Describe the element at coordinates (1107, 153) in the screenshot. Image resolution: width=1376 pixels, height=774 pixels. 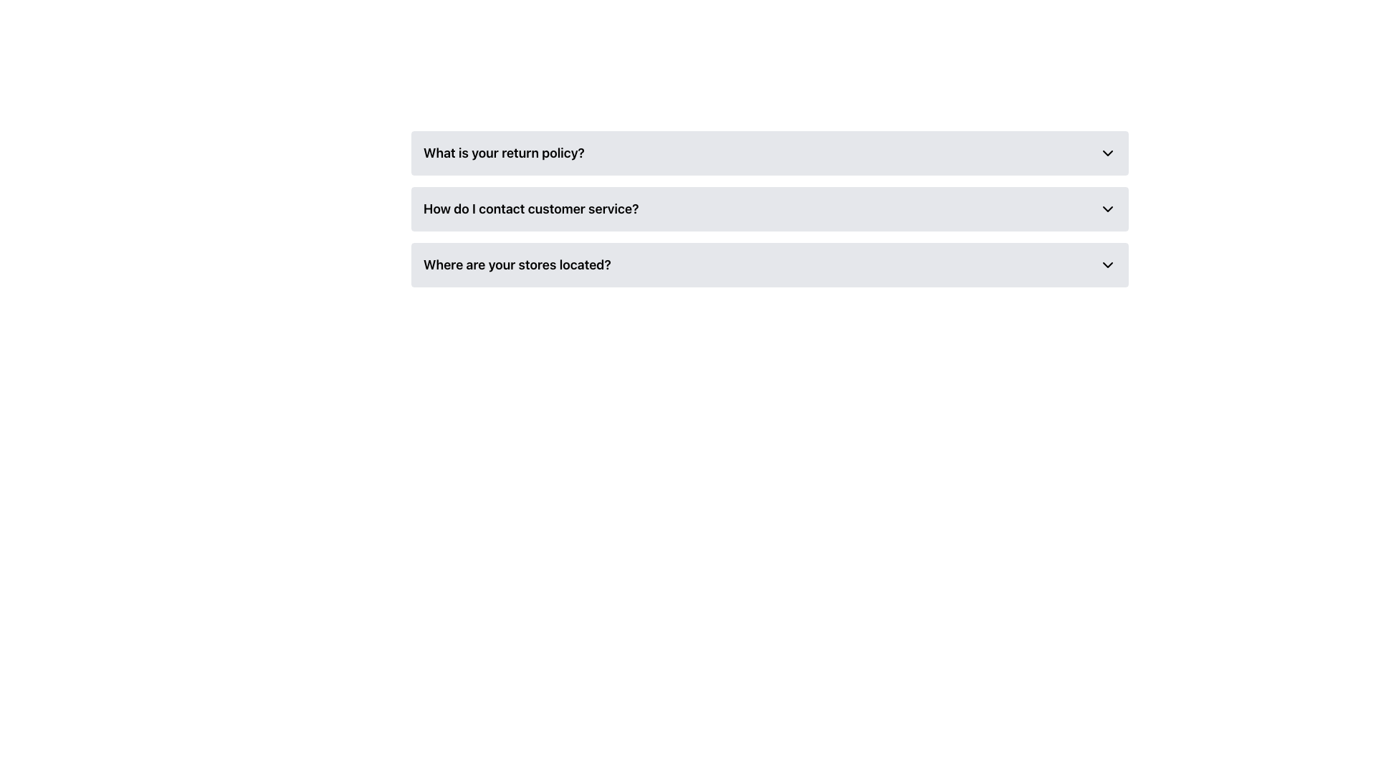
I see `the chevron icon` at that location.